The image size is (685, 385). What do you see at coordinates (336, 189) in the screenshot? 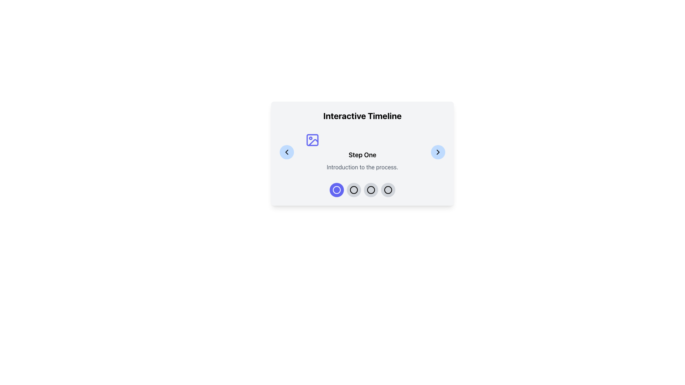
I see `the first circular button from the left in the horizontal row of step indicators` at bounding box center [336, 189].